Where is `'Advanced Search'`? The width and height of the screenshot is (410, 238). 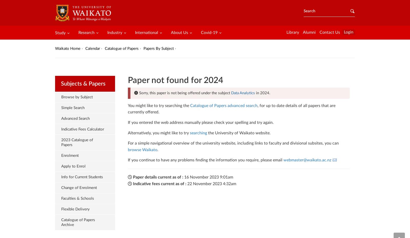 'Advanced Search' is located at coordinates (75, 118).